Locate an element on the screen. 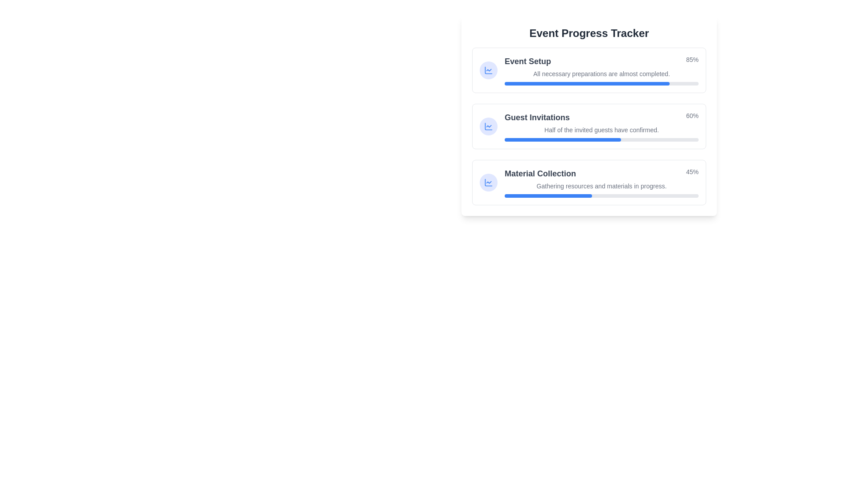  displayed information from the Information widget titled 'Guest Invitations', which shows a progress of 60% and a confirmation message is located at coordinates (589, 126).